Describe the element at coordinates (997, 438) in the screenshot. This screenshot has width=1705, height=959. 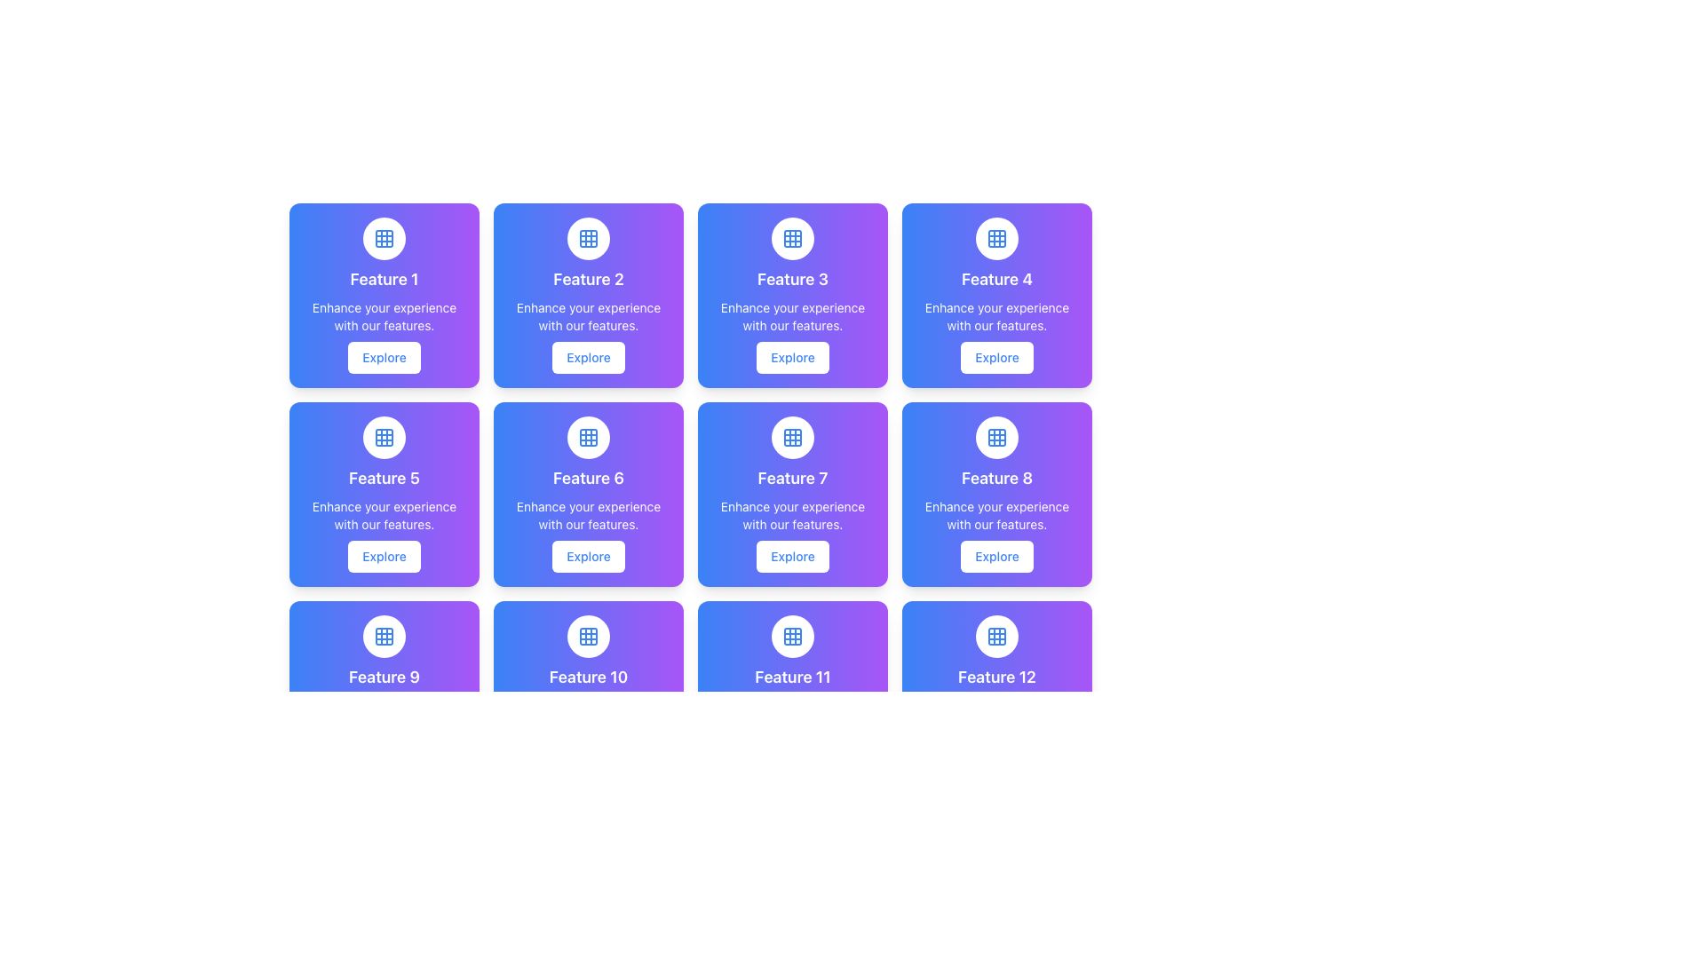
I see `the blue grid icon located at the top center of the 'Feature 8' card in the second row, fourth column of the layout` at that location.